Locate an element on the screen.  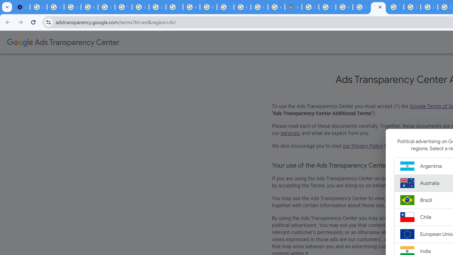
'Settings - Customize profile' is located at coordinates (21, 7).